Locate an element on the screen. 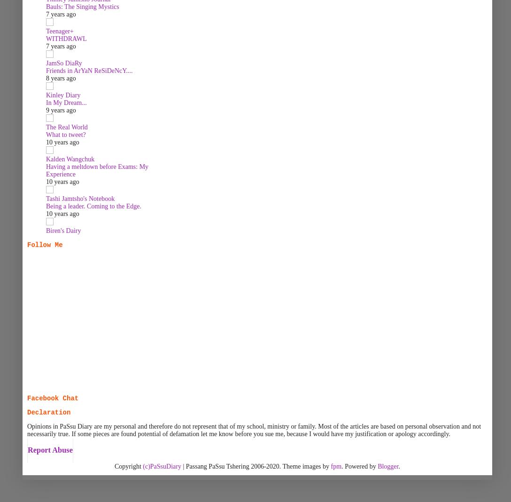 The height and width of the screenshot is (502, 511). '| Passang PaSsu Tshering 2006-2020. Theme images by' is located at coordinates (255, 466).